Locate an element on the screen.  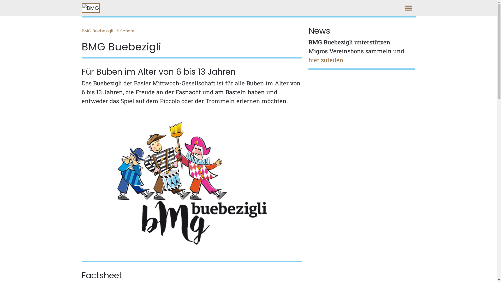
'S Schoof' is located at coordinates (128, 31).